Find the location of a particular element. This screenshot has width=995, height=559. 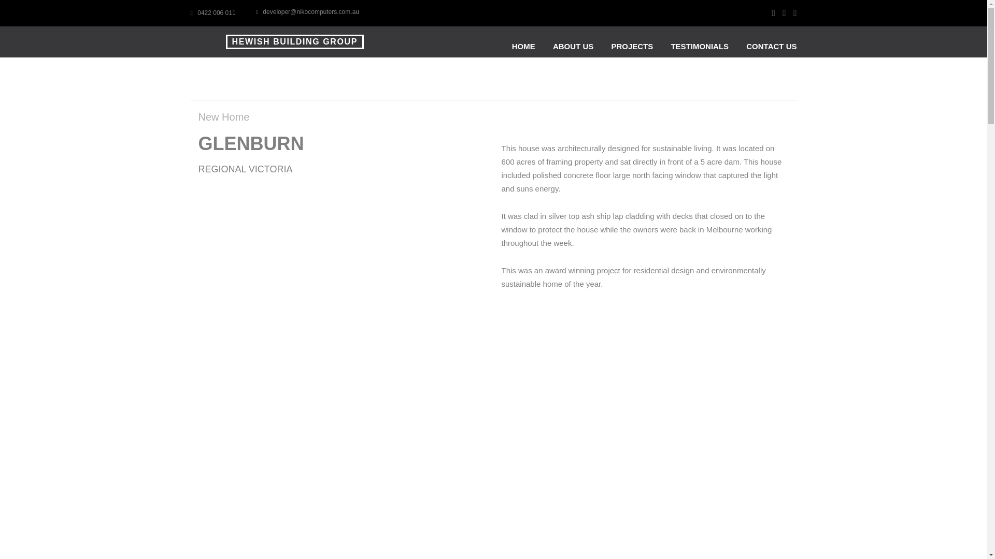

'CONTACT US' is located at coordinates (771, 46).